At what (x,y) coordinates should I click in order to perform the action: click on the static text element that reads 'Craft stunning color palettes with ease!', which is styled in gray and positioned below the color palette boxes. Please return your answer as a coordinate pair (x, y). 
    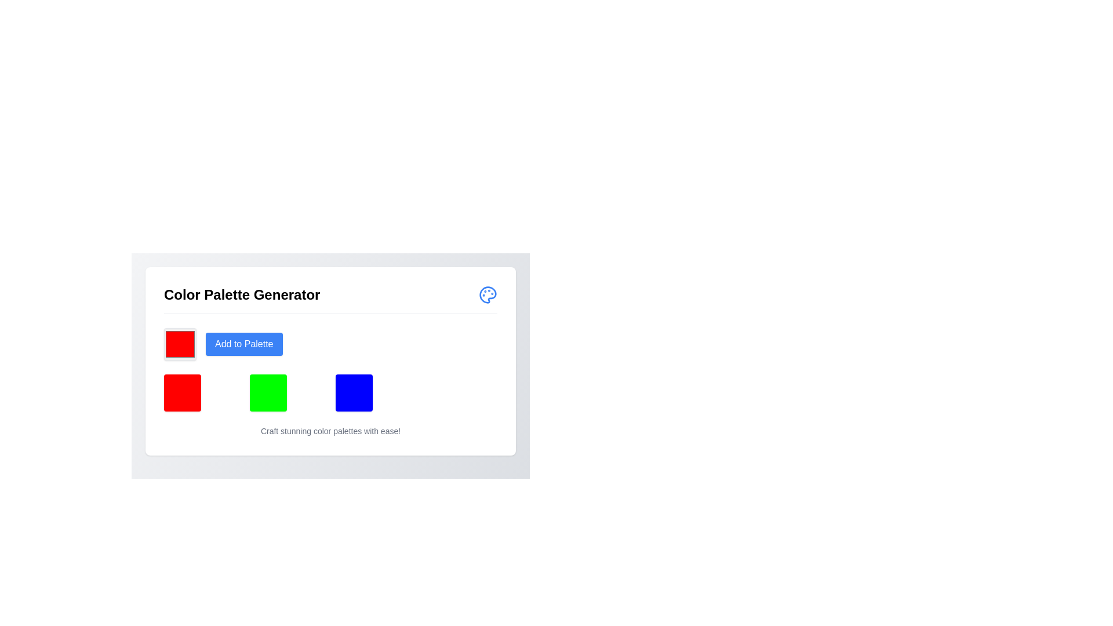
    Looking at the image, I should click on (330, 431).